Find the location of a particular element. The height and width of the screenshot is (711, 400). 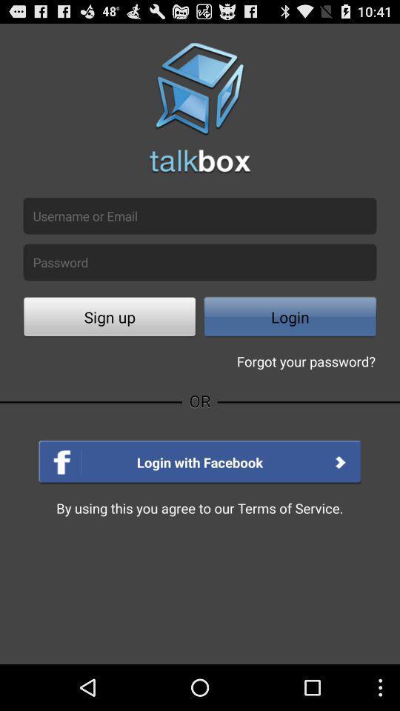

blue button right to sign up option is located at coordinates (290, 318).